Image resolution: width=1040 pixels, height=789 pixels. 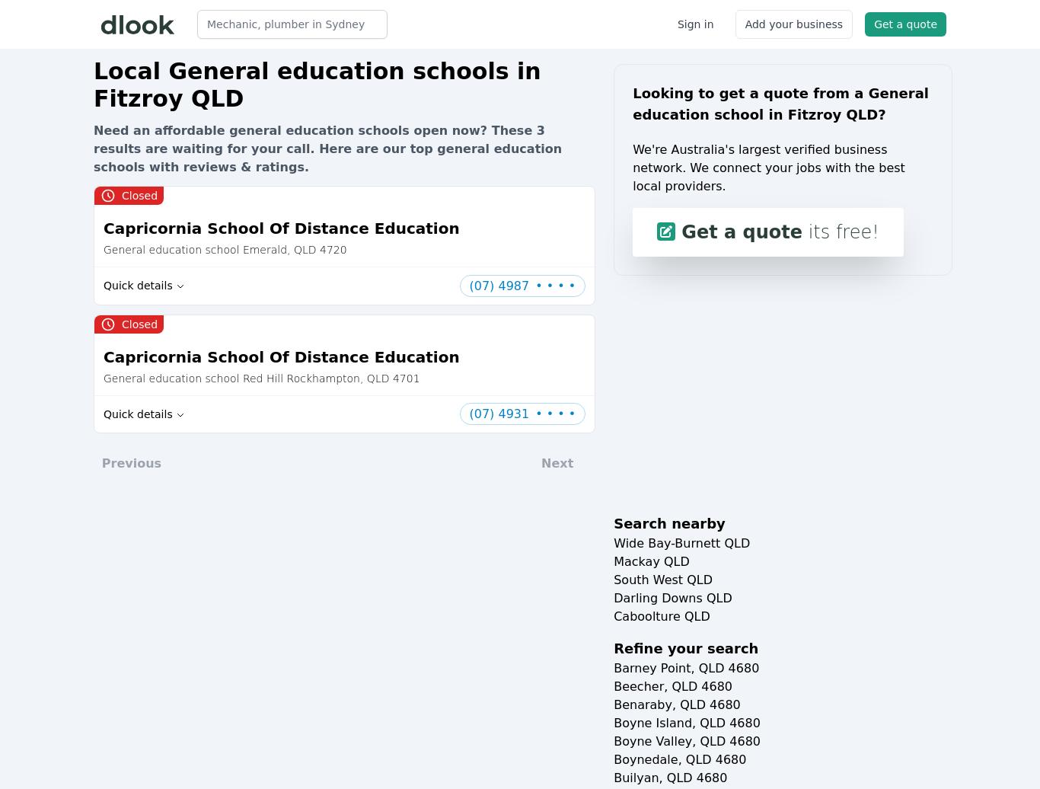 I want to click on '(07) 4931', so click(x=498, y=414).